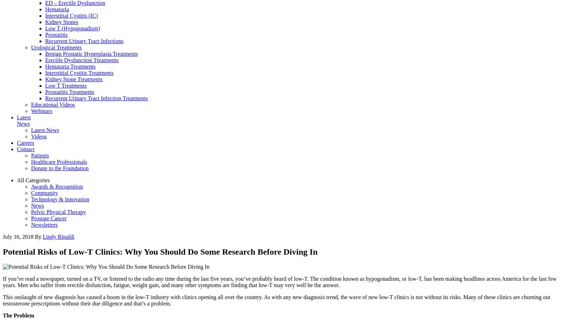 This screenshot has width=565, height=321. What do you see at coordinates (17, 143) in the screenshot?
I see `'Careers'` at bounding box center [17, 143].